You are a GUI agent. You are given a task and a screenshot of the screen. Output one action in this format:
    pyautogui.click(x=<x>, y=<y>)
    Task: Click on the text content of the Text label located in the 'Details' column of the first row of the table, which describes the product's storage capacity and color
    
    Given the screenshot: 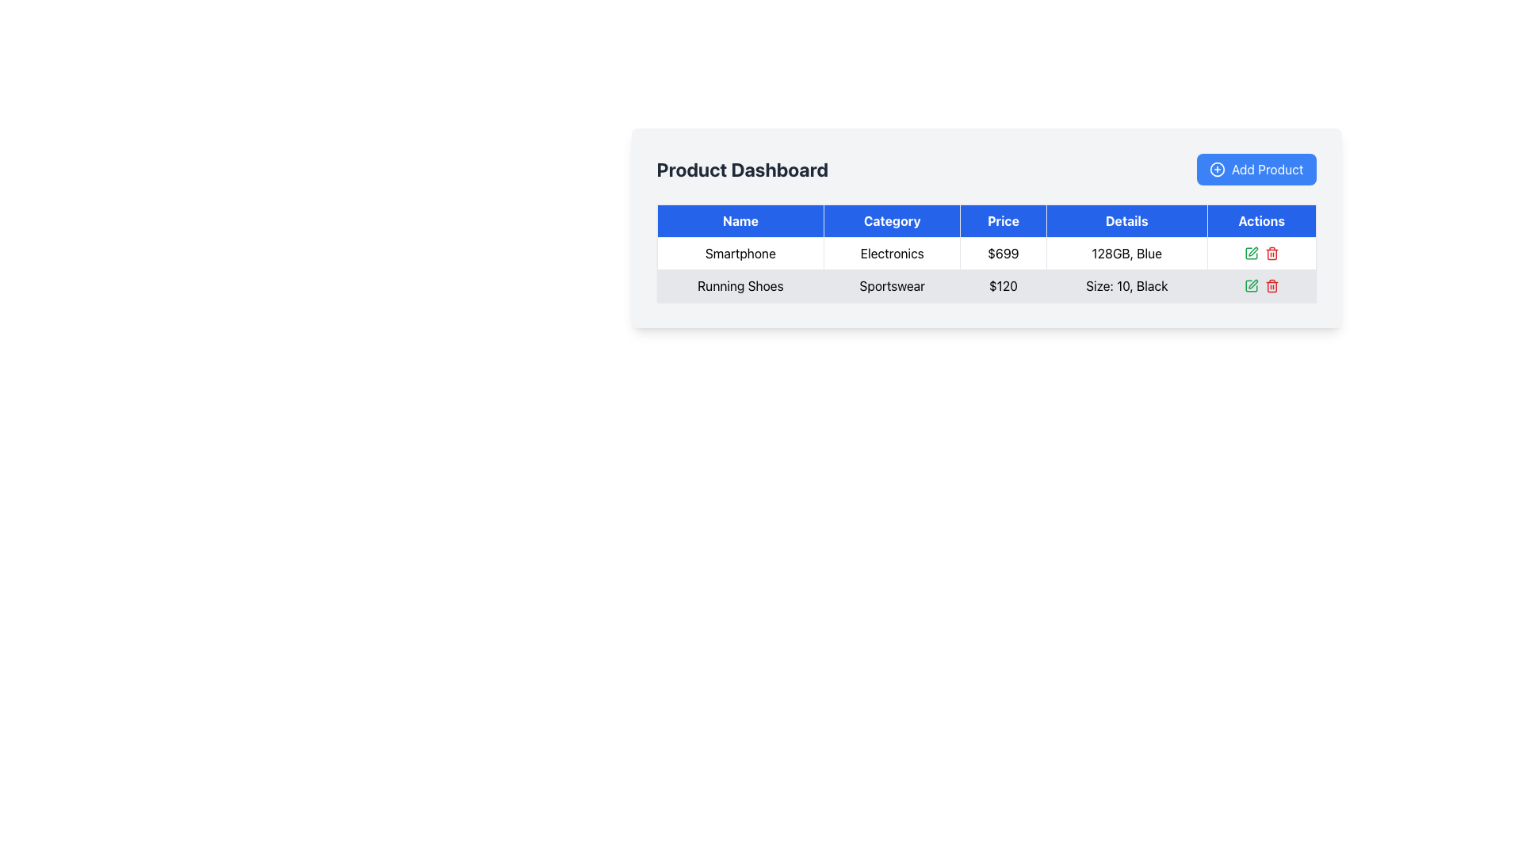 What is the action you would take?
    pyautogui.click(x=1126, y=253)
    